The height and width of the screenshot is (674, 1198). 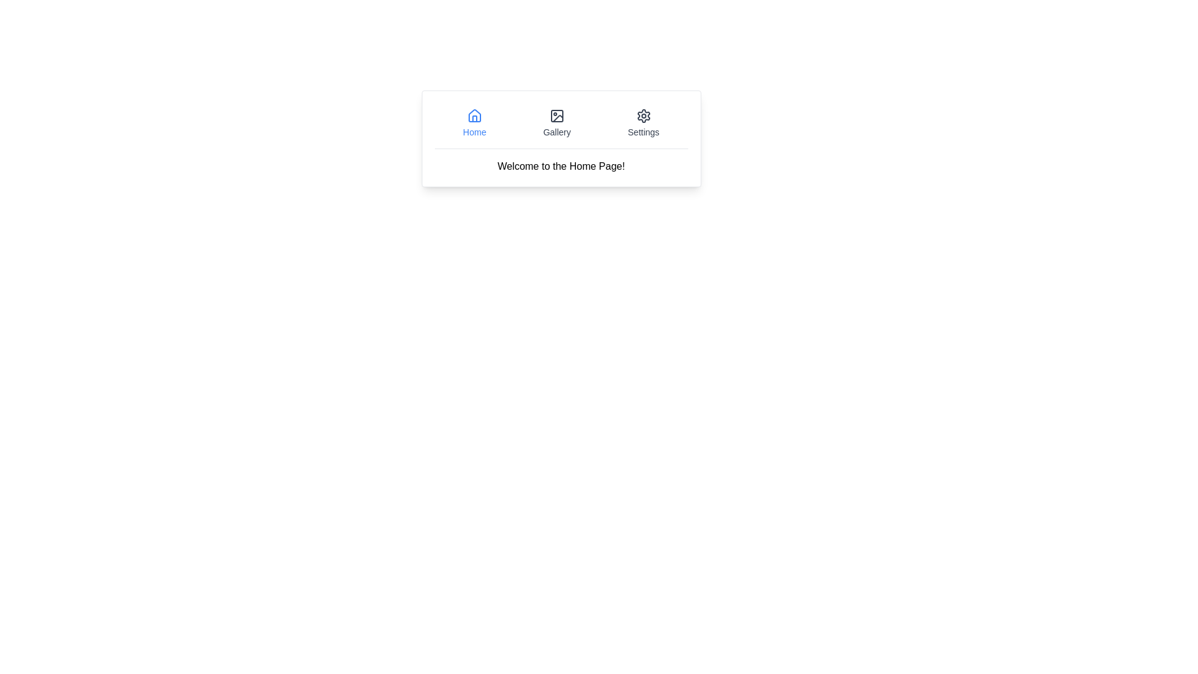 I want to click on the background rectangle of the 'Gallery' icon, which is the second icon in the horizontally aligned navigation bar, so click(x=556, y=115).